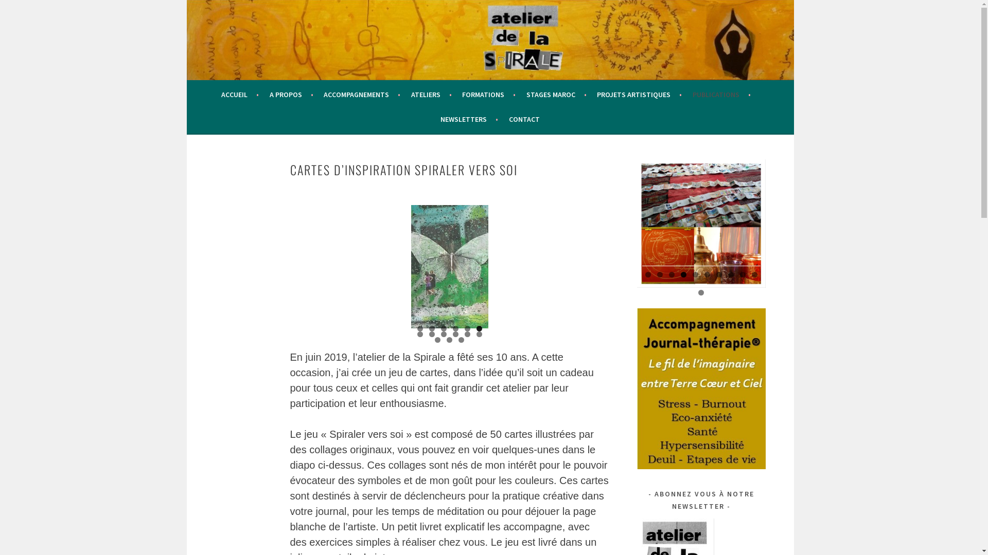  What do you see at coordinates (432, 334) in the screenshot?
I see `'8'` at bounding box center [432, 334].